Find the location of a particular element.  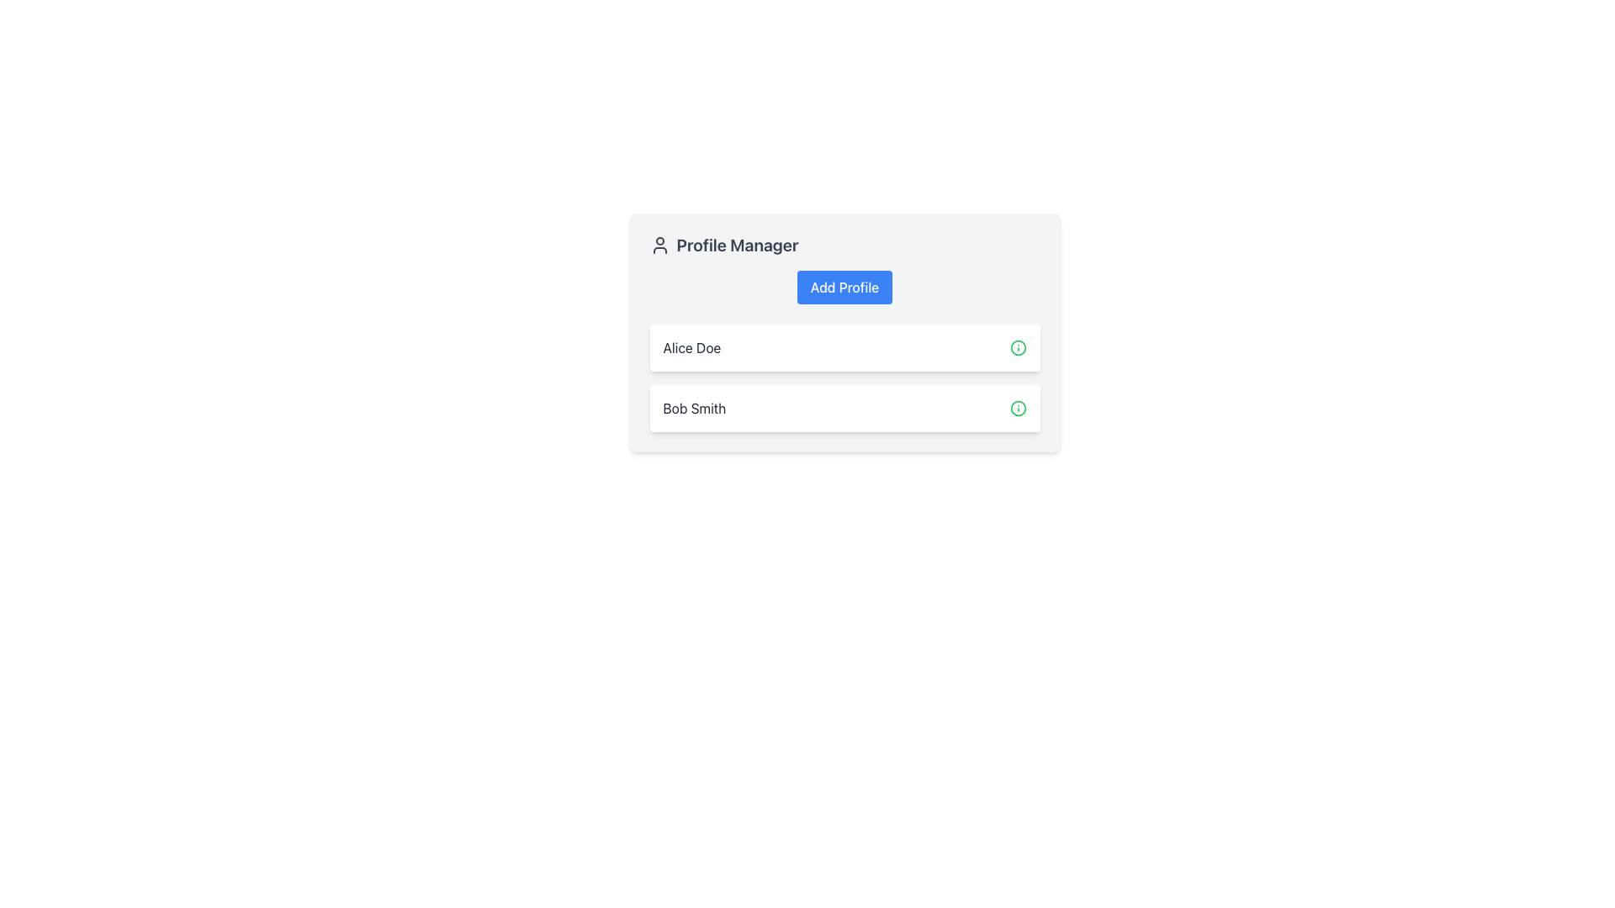

the user icon, which is a simplified outline of a head above rounded shoulders, located at the top-left corner of the 'Profile Manager' box is located at coordinates (659, 245).